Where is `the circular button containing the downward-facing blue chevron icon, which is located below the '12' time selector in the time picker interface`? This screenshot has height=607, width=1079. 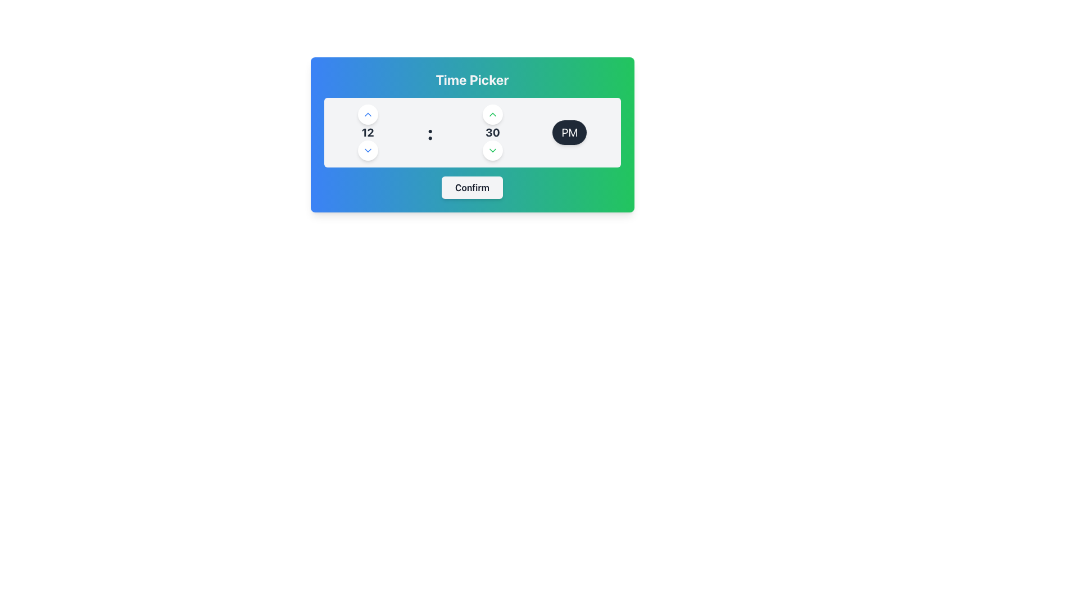 the circular button containing the downward-facing blue chevron icon, which is located below the '12' time selector in the time picker interface is located at coordinates (368, 150).